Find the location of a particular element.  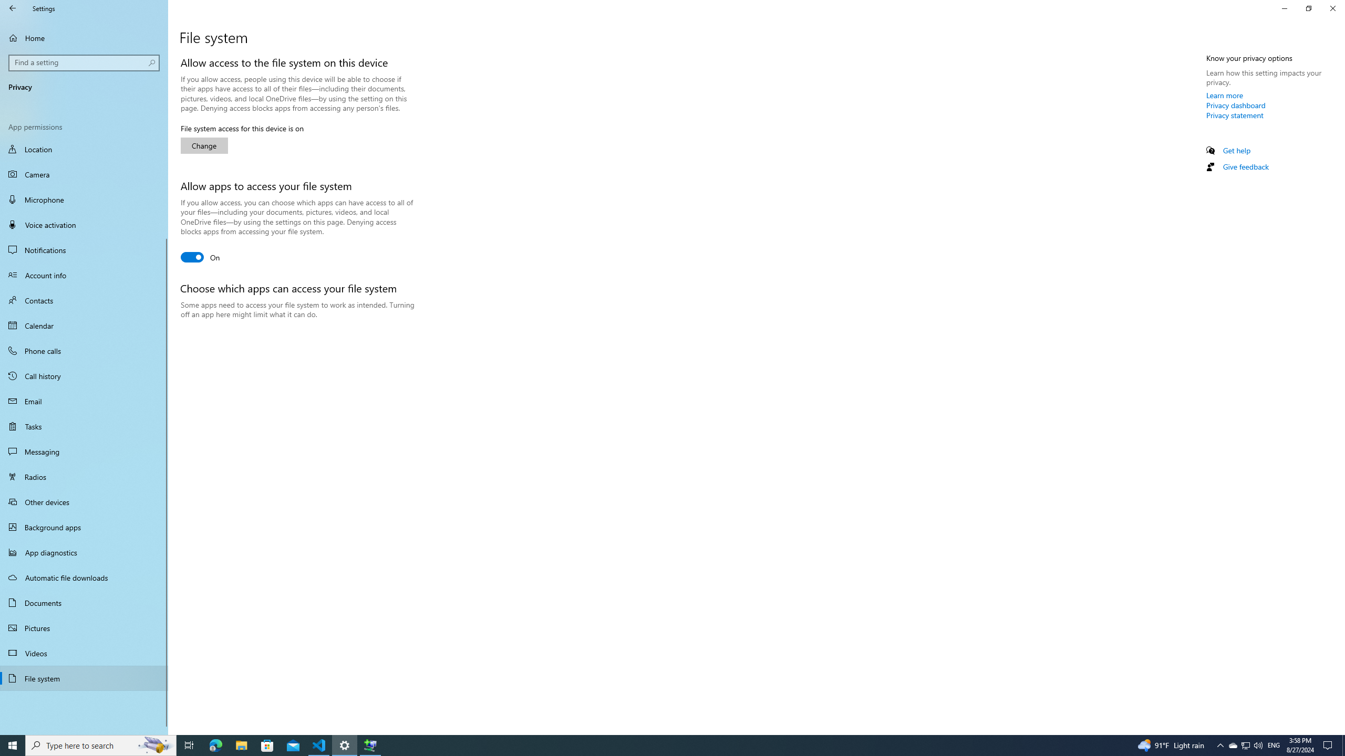

'Location' is located at coordinates (84, 149).